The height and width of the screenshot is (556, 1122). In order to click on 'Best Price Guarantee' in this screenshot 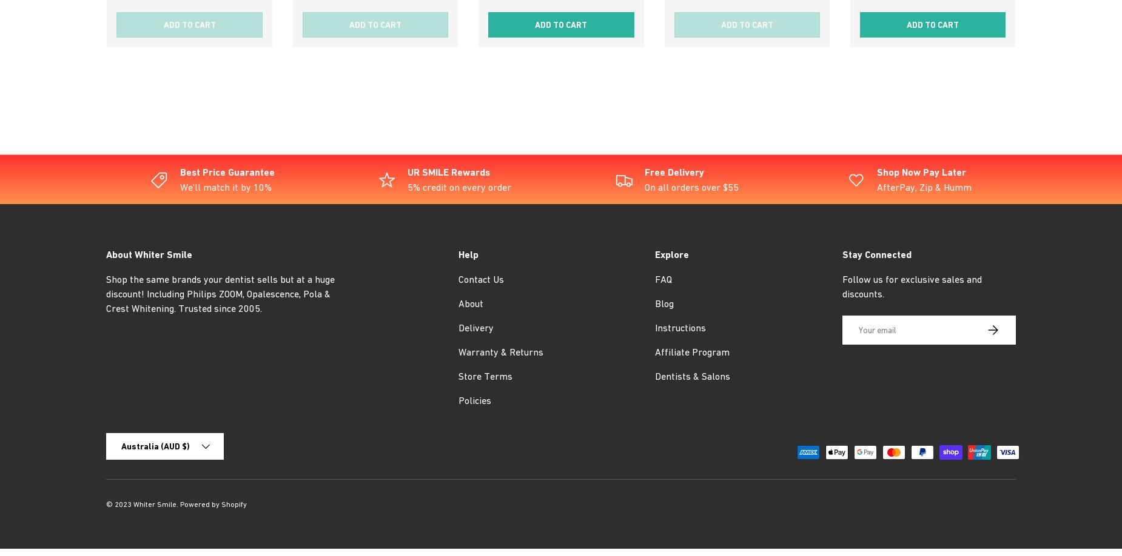, I will do `click(226, 171)`.